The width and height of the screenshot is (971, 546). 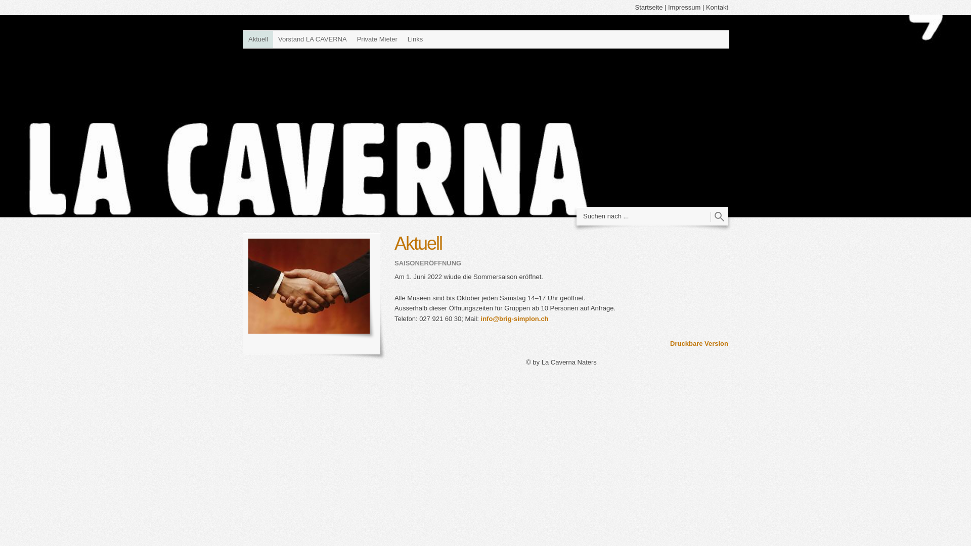 I want to click on 'Startseite', so click(x=648, y=7).